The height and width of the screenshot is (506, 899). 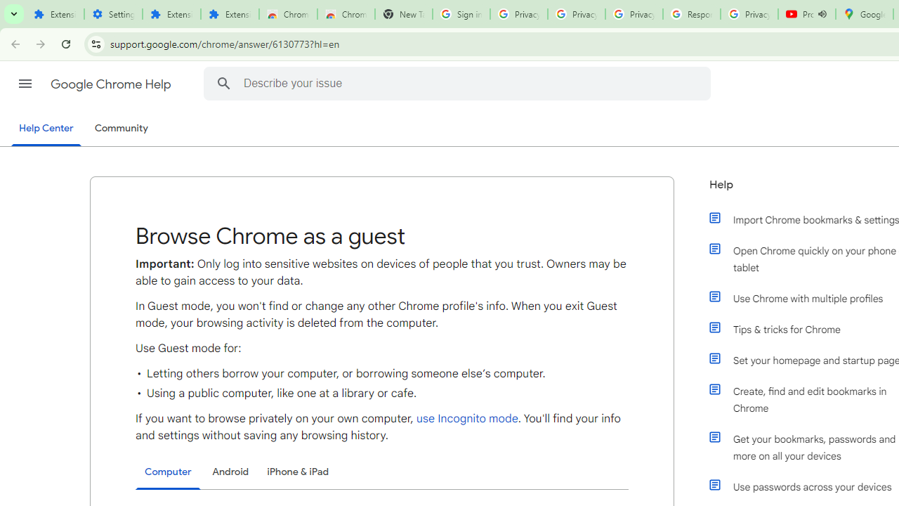 What do you see at coordinates (459, 83) in the screenshot?
I see `'Describe your issue'` at bounding box center [459, 83].